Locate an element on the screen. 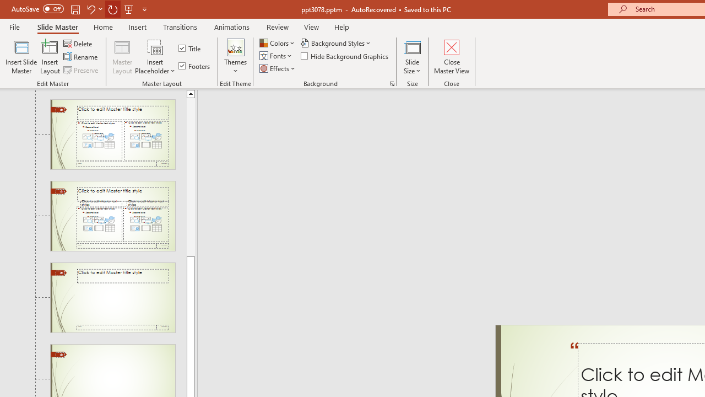 The width and height of the screenshot is (705, 397). 'Close Master View' is located at coordinates (452, 57).